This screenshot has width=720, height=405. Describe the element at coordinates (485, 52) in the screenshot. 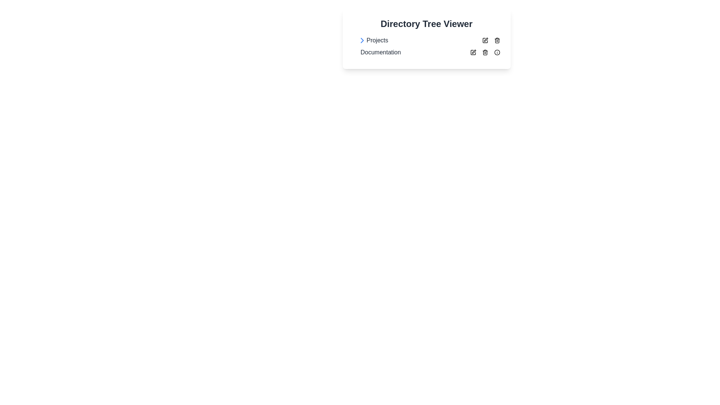

I see `the interactive button-like icons within the toolbar related to the 'Documentation' section, positioned centrally in the third group from the right` at that location.